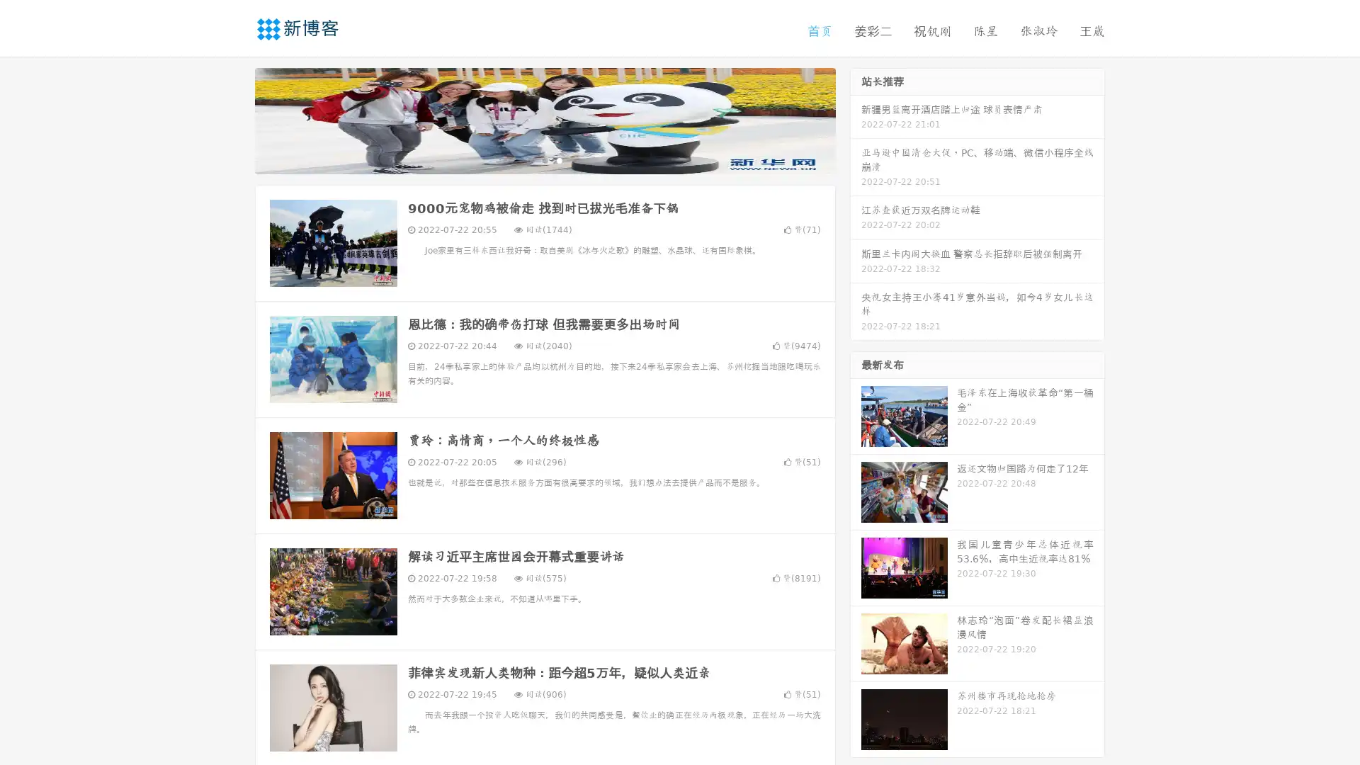 The height and width of the screenshot is (765, 1360). Describe the element at coordinates (559, 159) in the screenshot. I see `Go to slide 3` at that location.